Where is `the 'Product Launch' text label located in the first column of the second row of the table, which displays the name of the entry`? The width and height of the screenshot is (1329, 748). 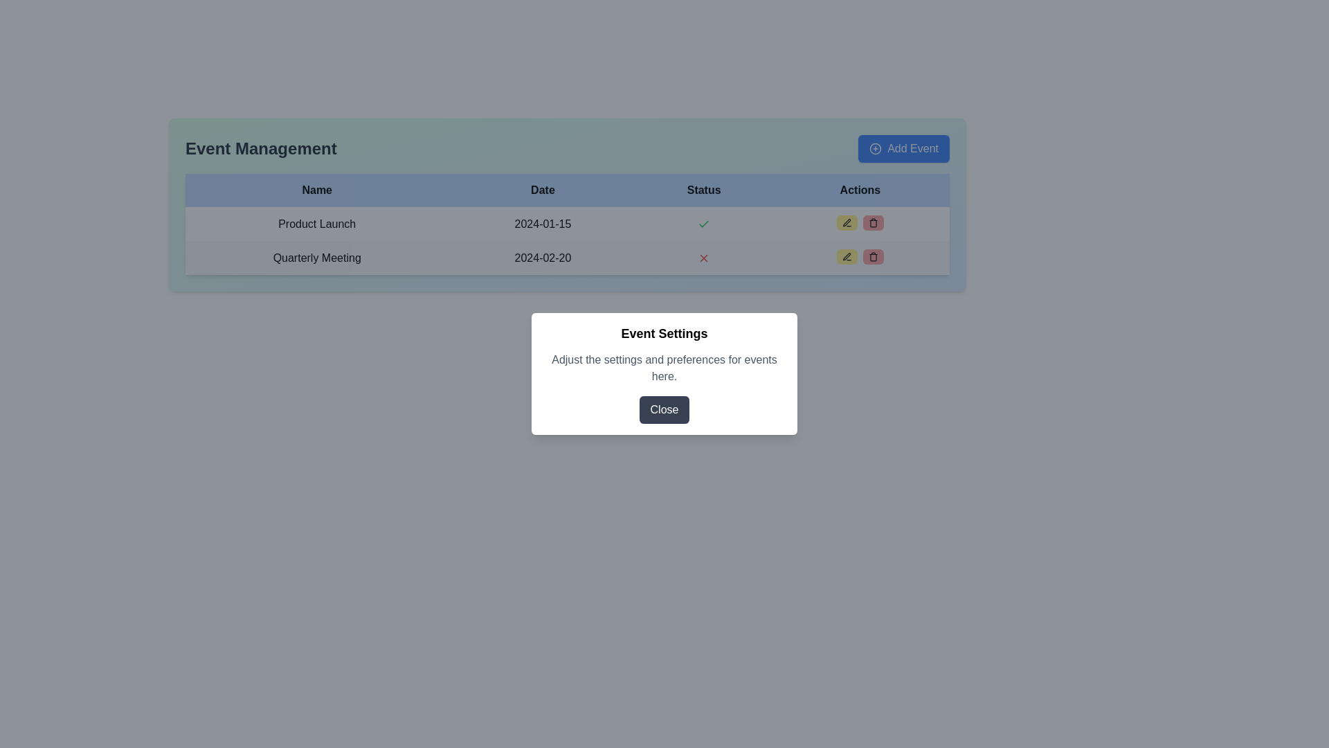 the 'Product Launch' text label located in the first column of the second row of the table, which displays the name of the entry is located at coordinates (316, 223).